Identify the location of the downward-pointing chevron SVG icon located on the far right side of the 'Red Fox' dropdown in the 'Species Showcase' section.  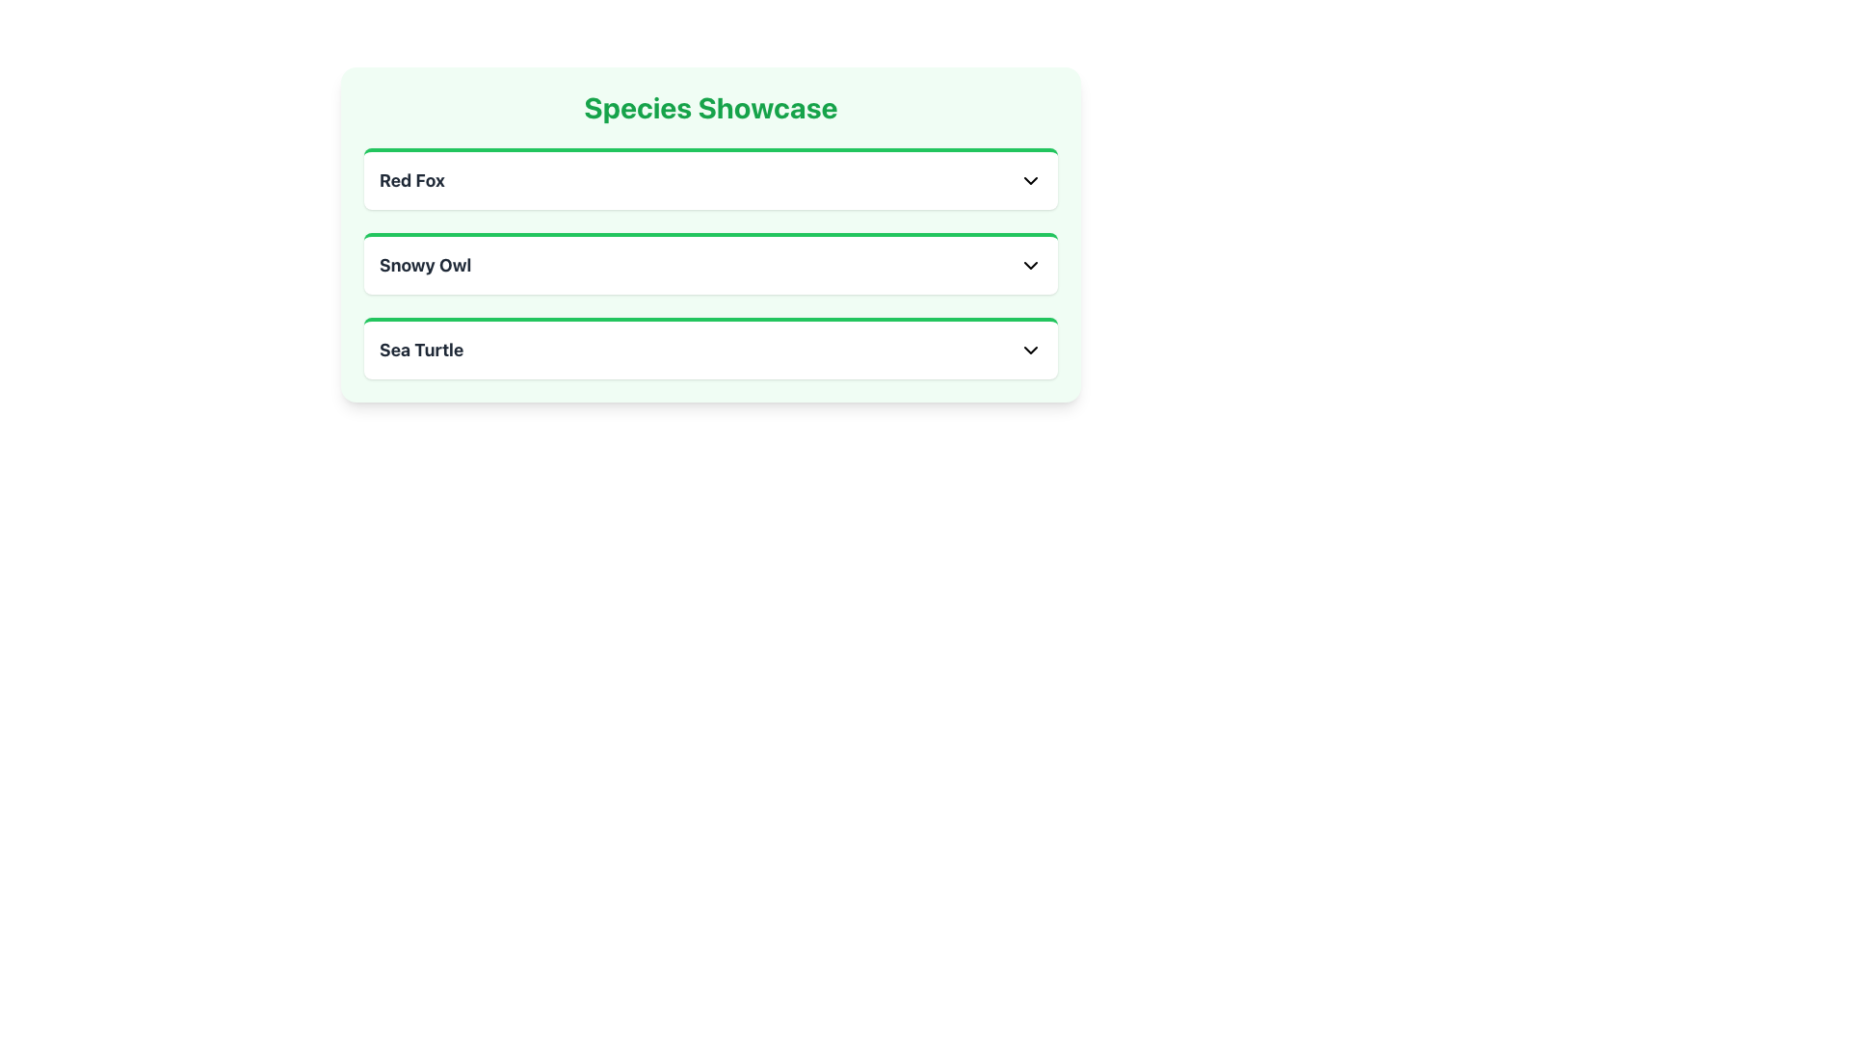
(1030, 181).